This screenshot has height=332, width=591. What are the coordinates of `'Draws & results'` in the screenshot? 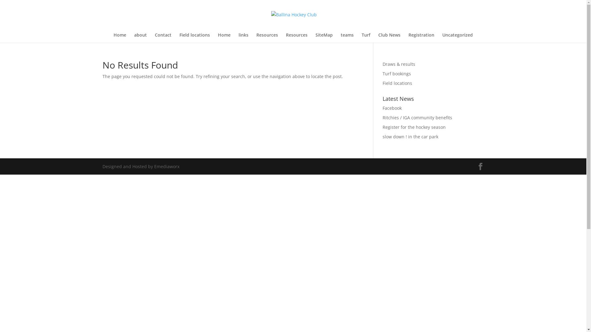 It's located at (399, 64).